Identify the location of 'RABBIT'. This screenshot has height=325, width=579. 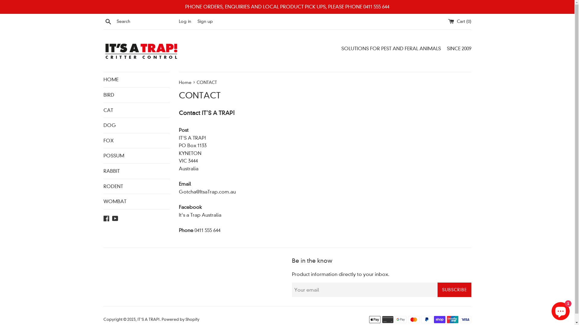
(103, 171).